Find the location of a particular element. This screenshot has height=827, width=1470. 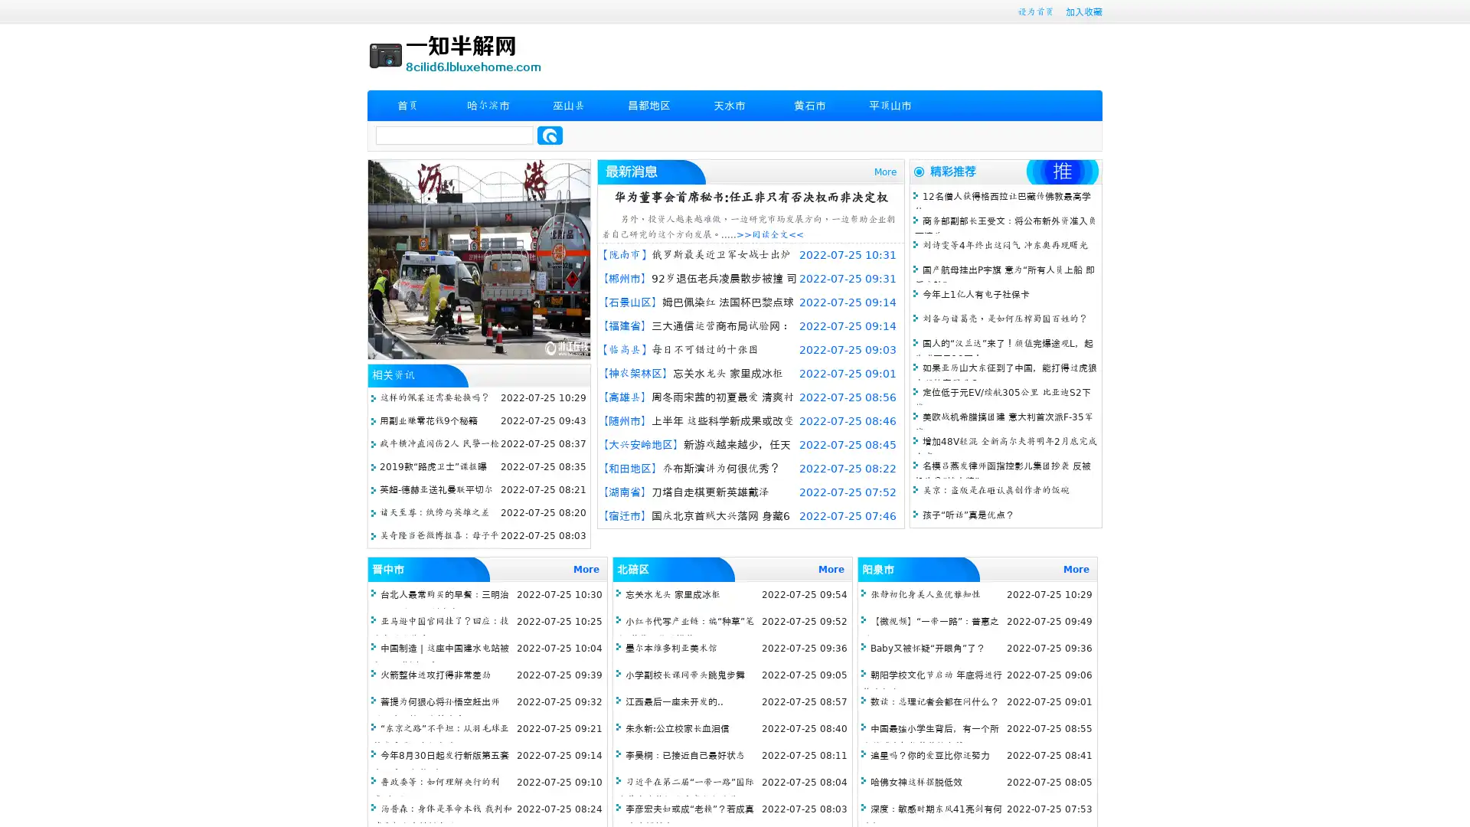

Search is located at coordinates (550, 135).